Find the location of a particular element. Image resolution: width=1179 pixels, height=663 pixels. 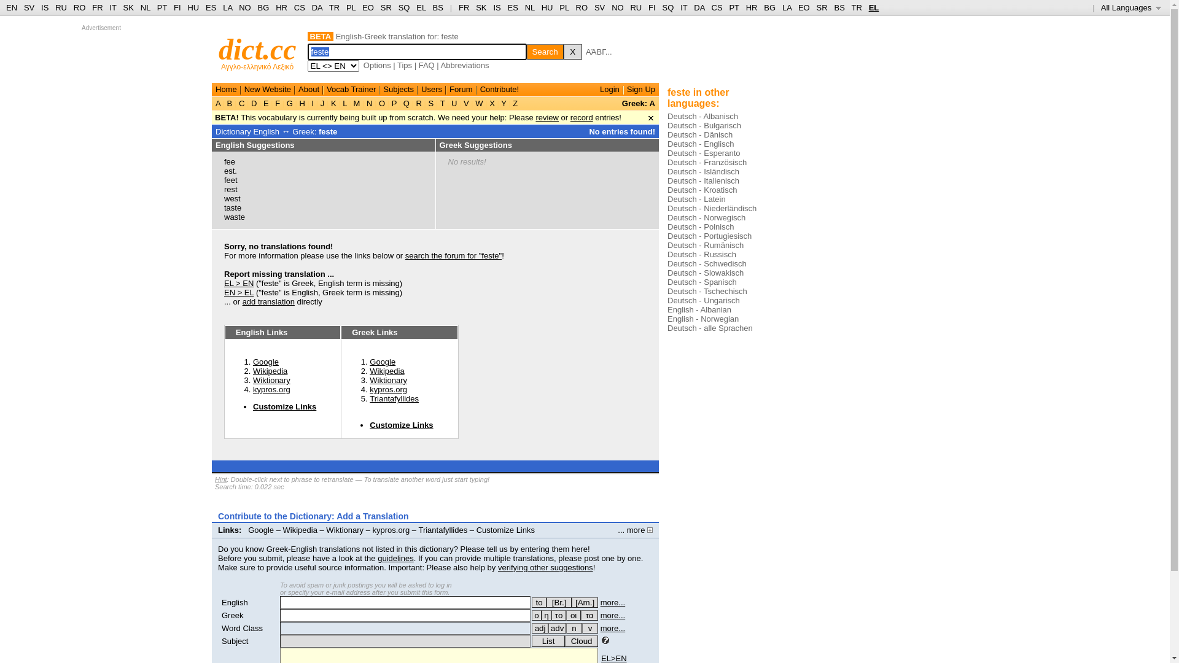

'verifying other suggestions' is located at coordinates (545, 567).